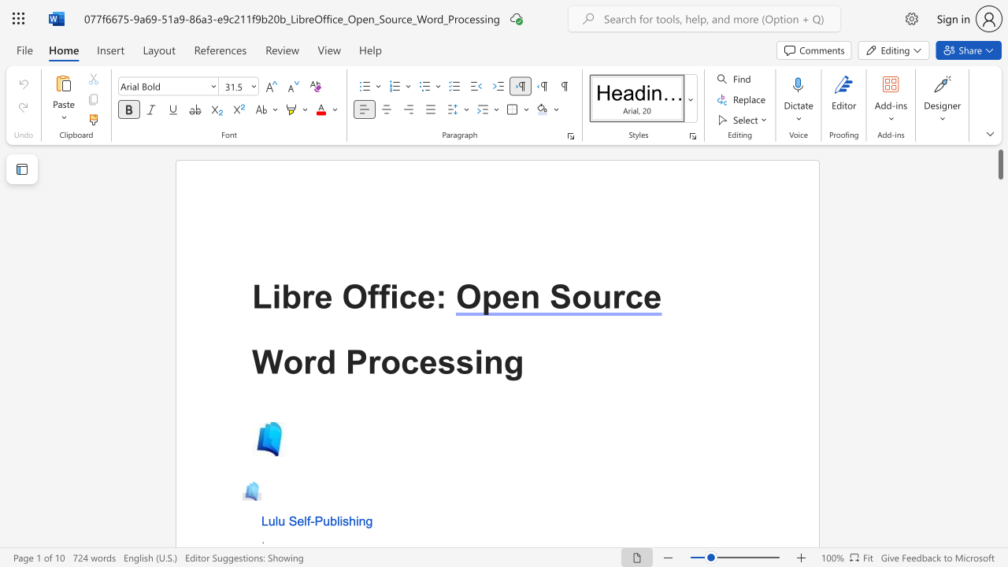 The height and width of the screenshot is (567, 1008). What do you see at coordinates (464, 361) in the screenshot?
I see `the 2th character "s" in the text` at bounding box center [464, 361].